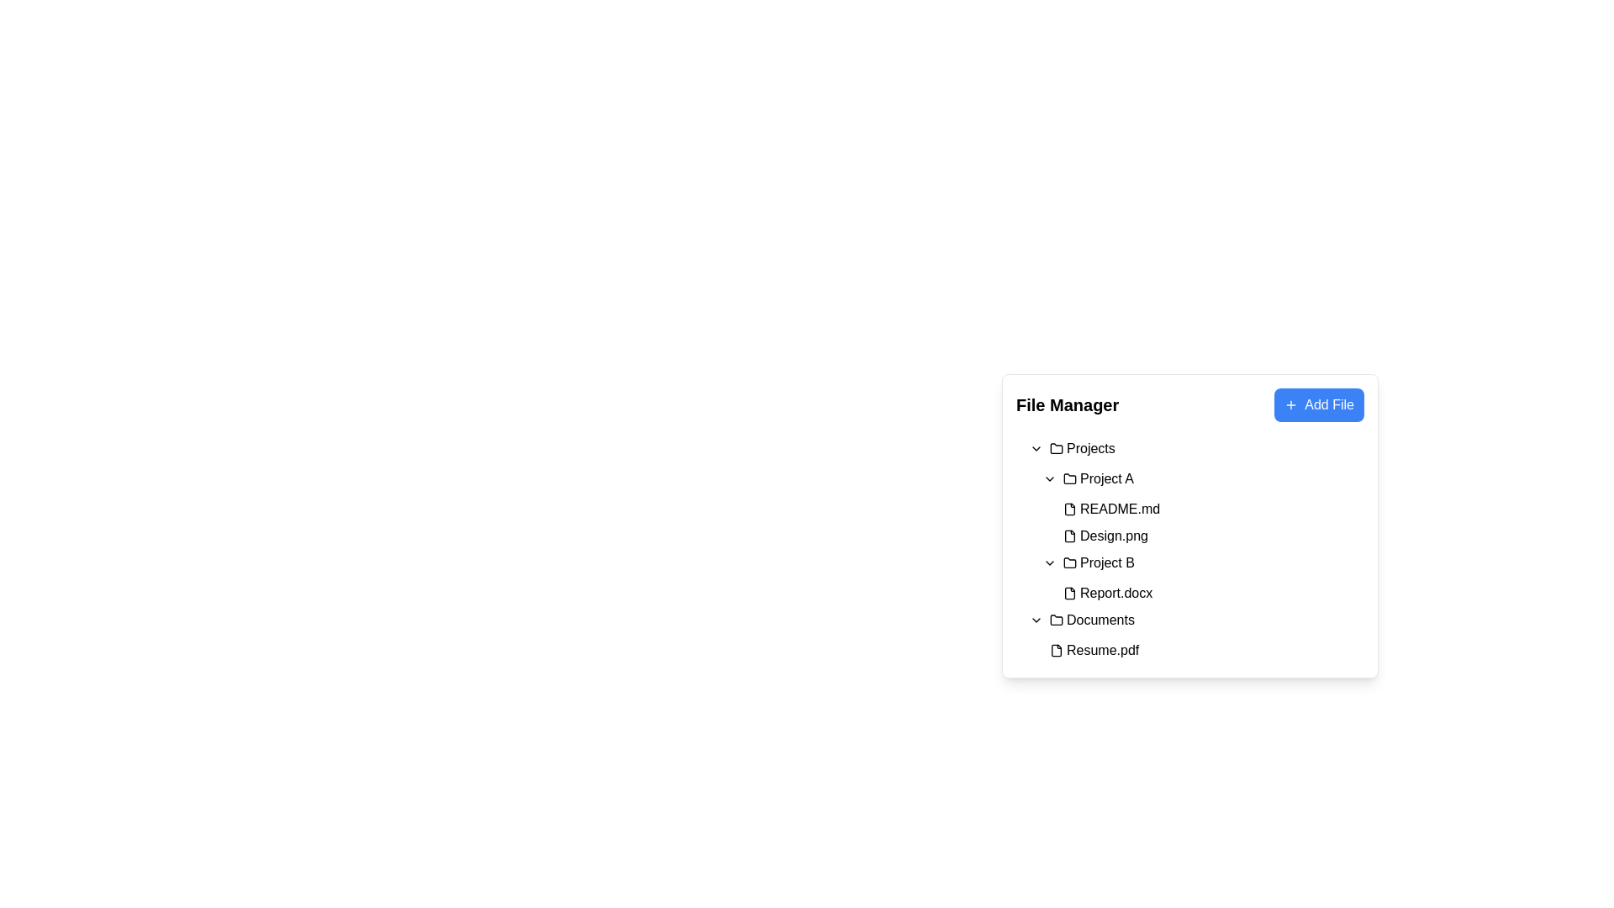  What do you see at coordinates (1048, 563) in the screenshot?
I see `the small chevron icon that expands or collapses the 'Project B' section in the file manager interface` at bounding box center [1048, 563].